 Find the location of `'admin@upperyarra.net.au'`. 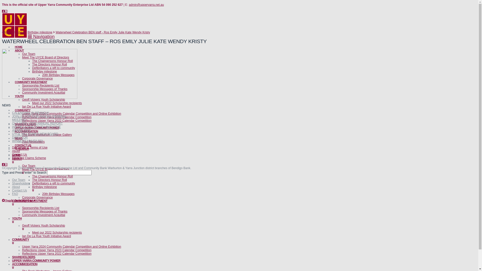

'admin@upperyarra.net.au' is located at coordinates (146, 5).